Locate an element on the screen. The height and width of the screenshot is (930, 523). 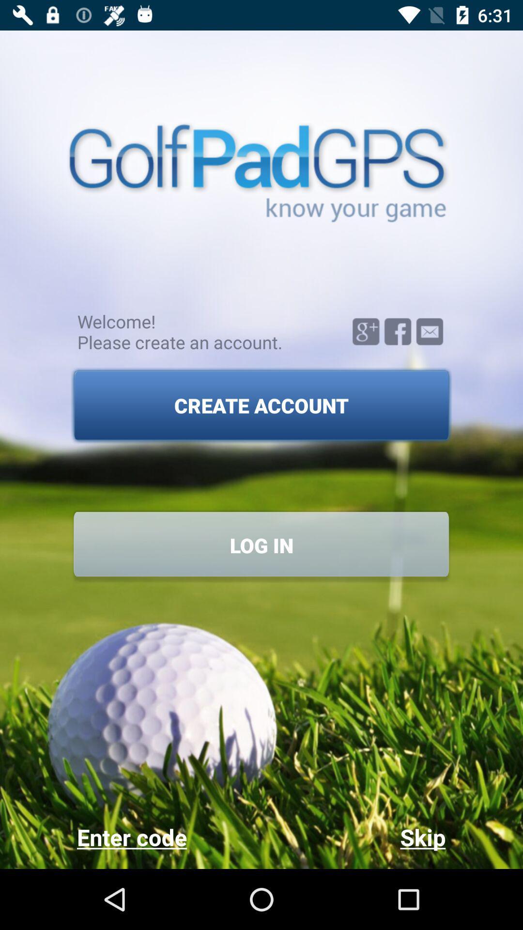
item above the skip item is located at coordinates (261, 545).